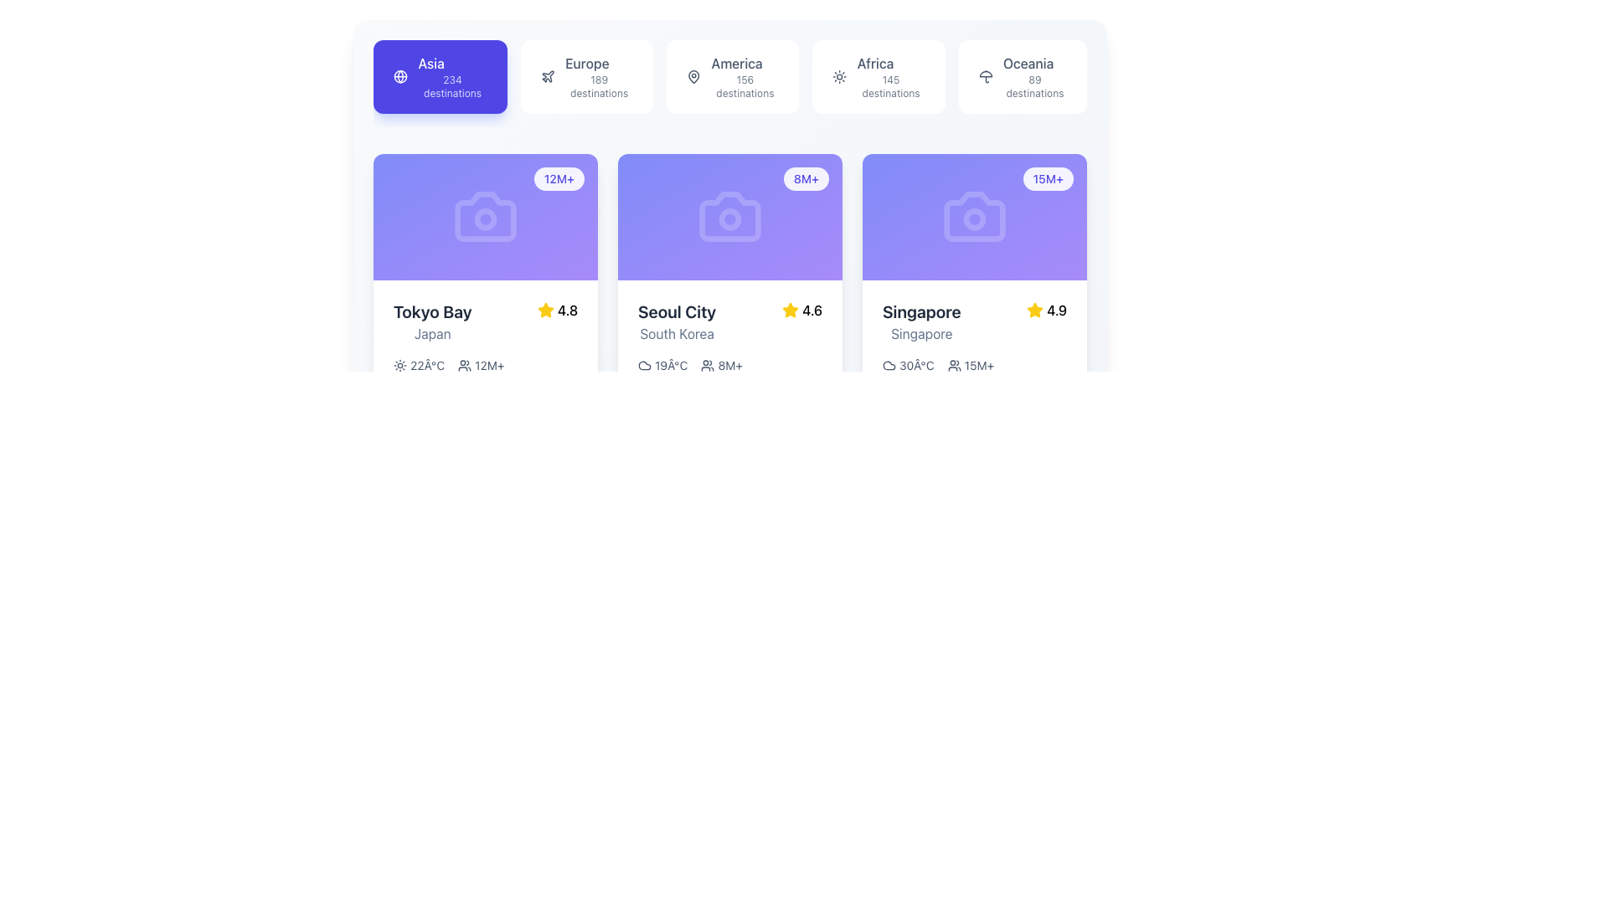  Describe the element at coordinates (979, 364) in the screenshot. I see `the Text label displaying '15M+' located at the bottom right corner of the 'Singapore' card, adjacent to a user icon` at that location.